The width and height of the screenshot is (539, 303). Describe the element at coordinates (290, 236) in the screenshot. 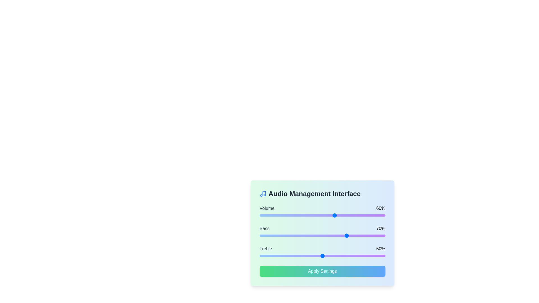

I see `the bass level` at that location.